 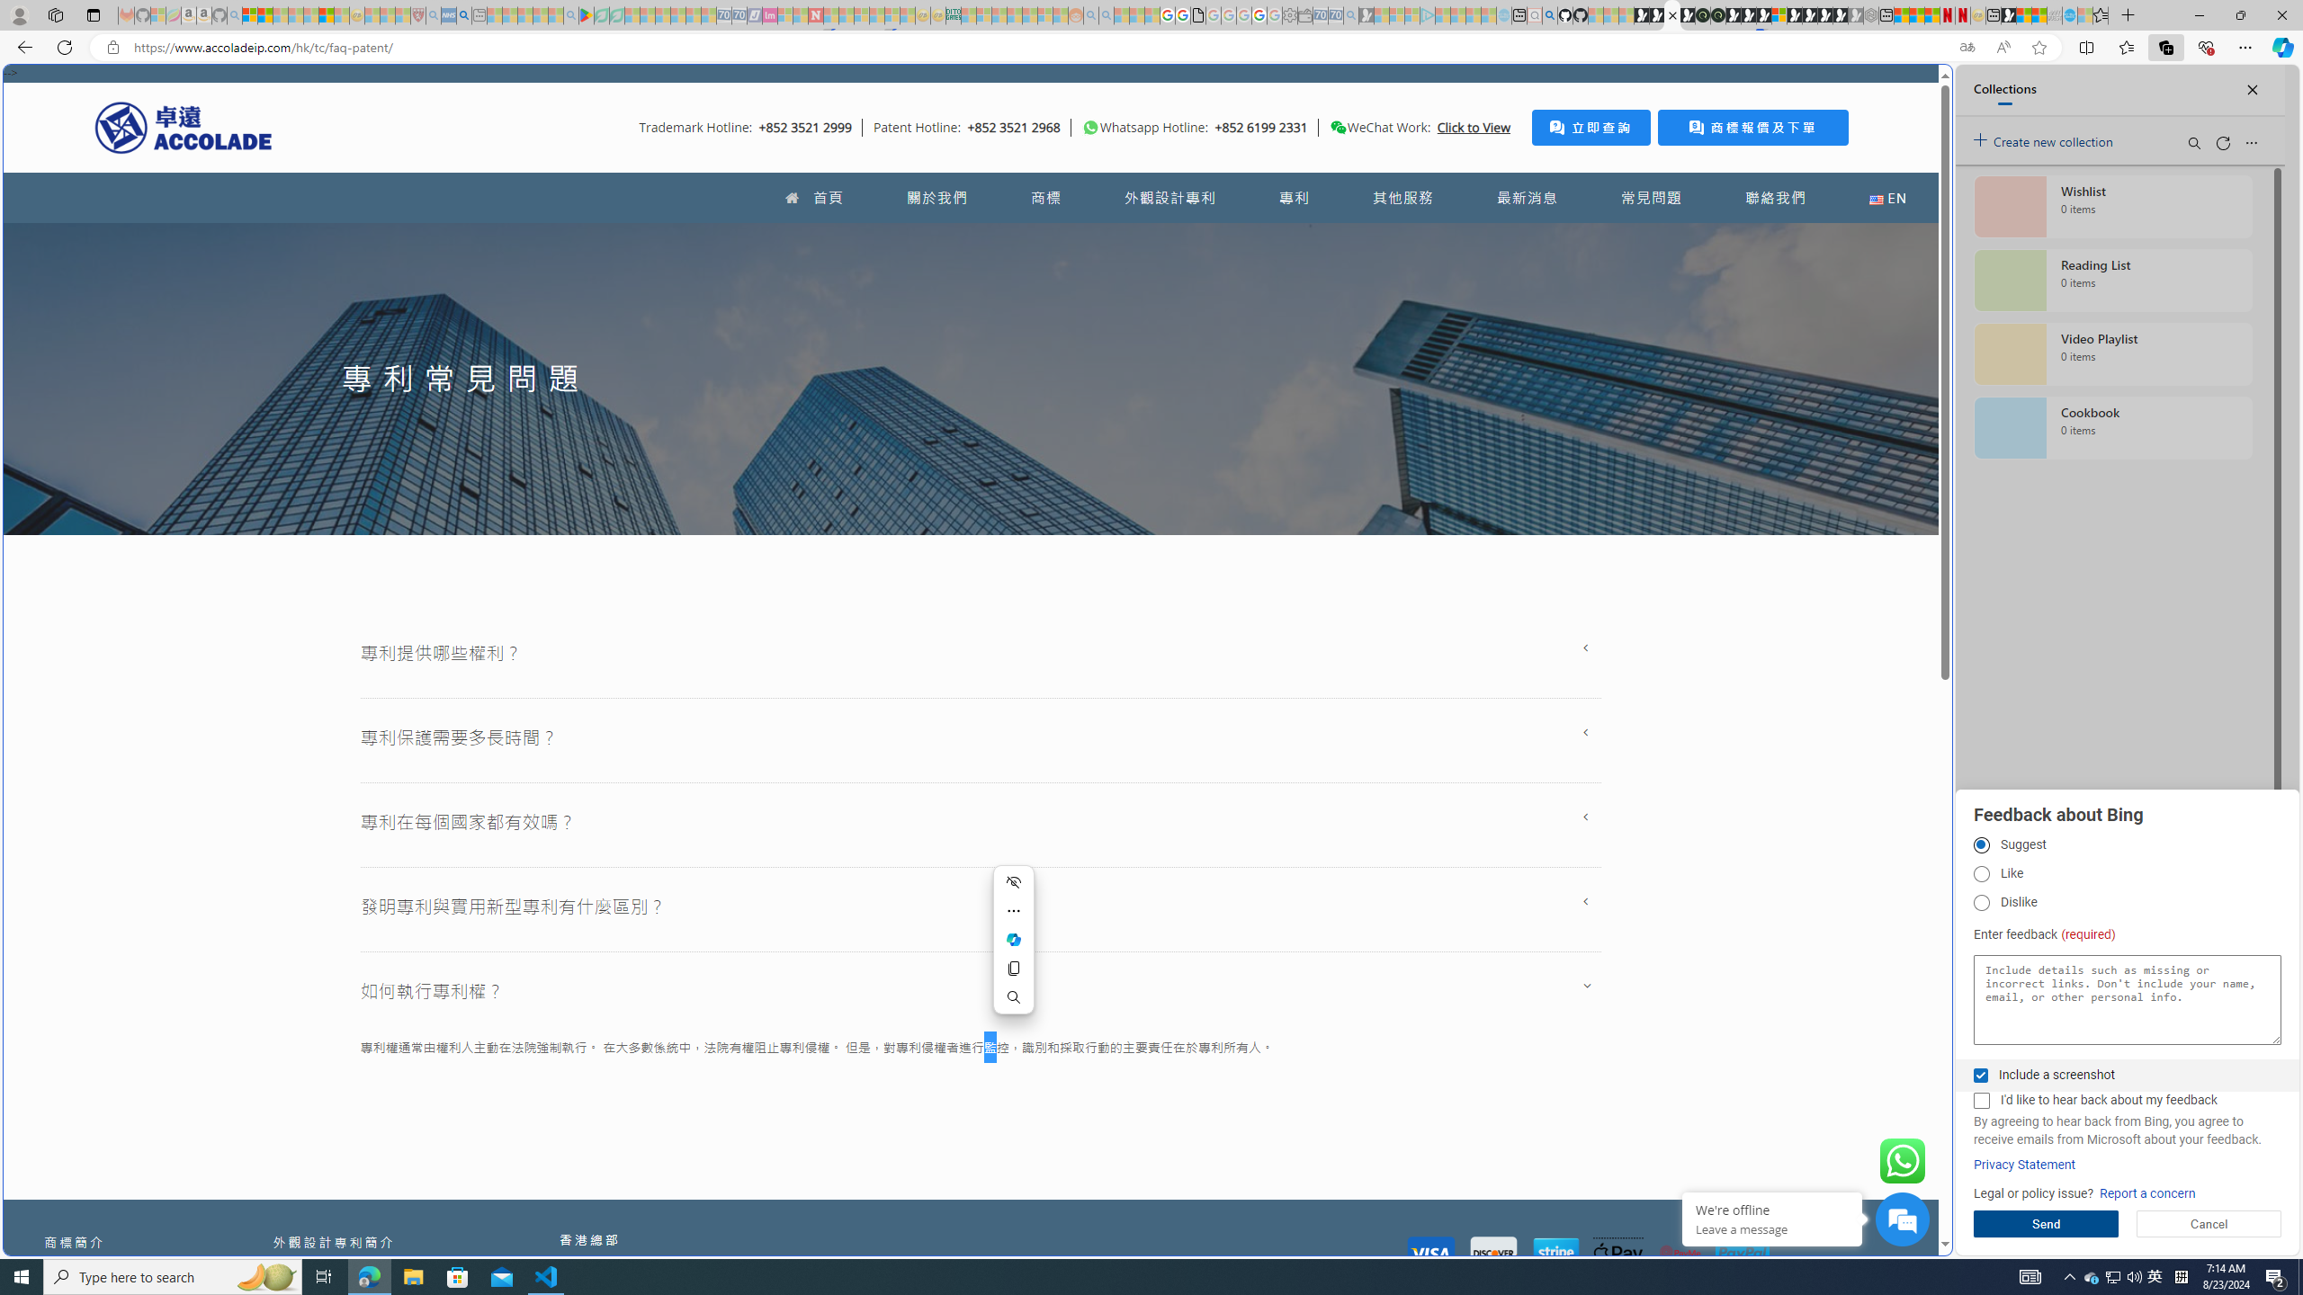 What do you see at coordinates (968, 14) in the screenshot?
I see `'MSNBC - MSN - Sleeping'` at bounding box center [968, 14].